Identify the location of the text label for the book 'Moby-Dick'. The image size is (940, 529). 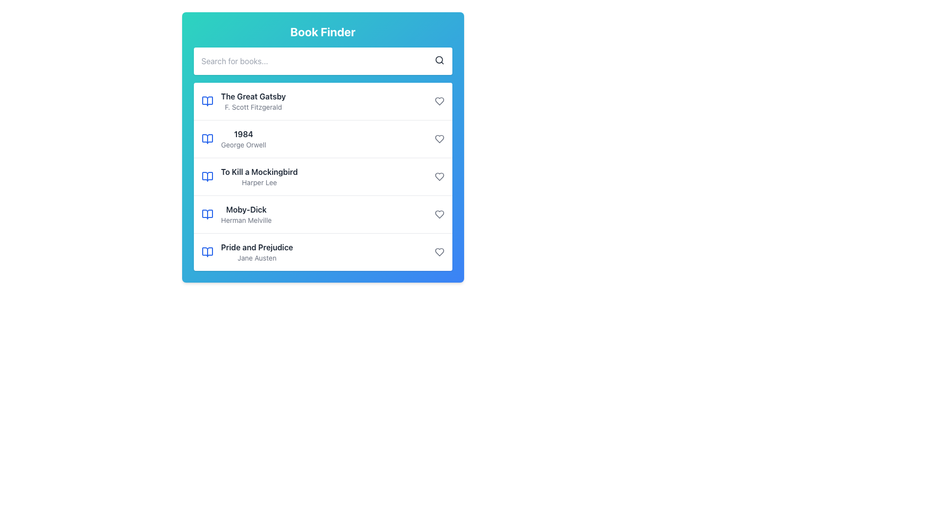
(246, 209).